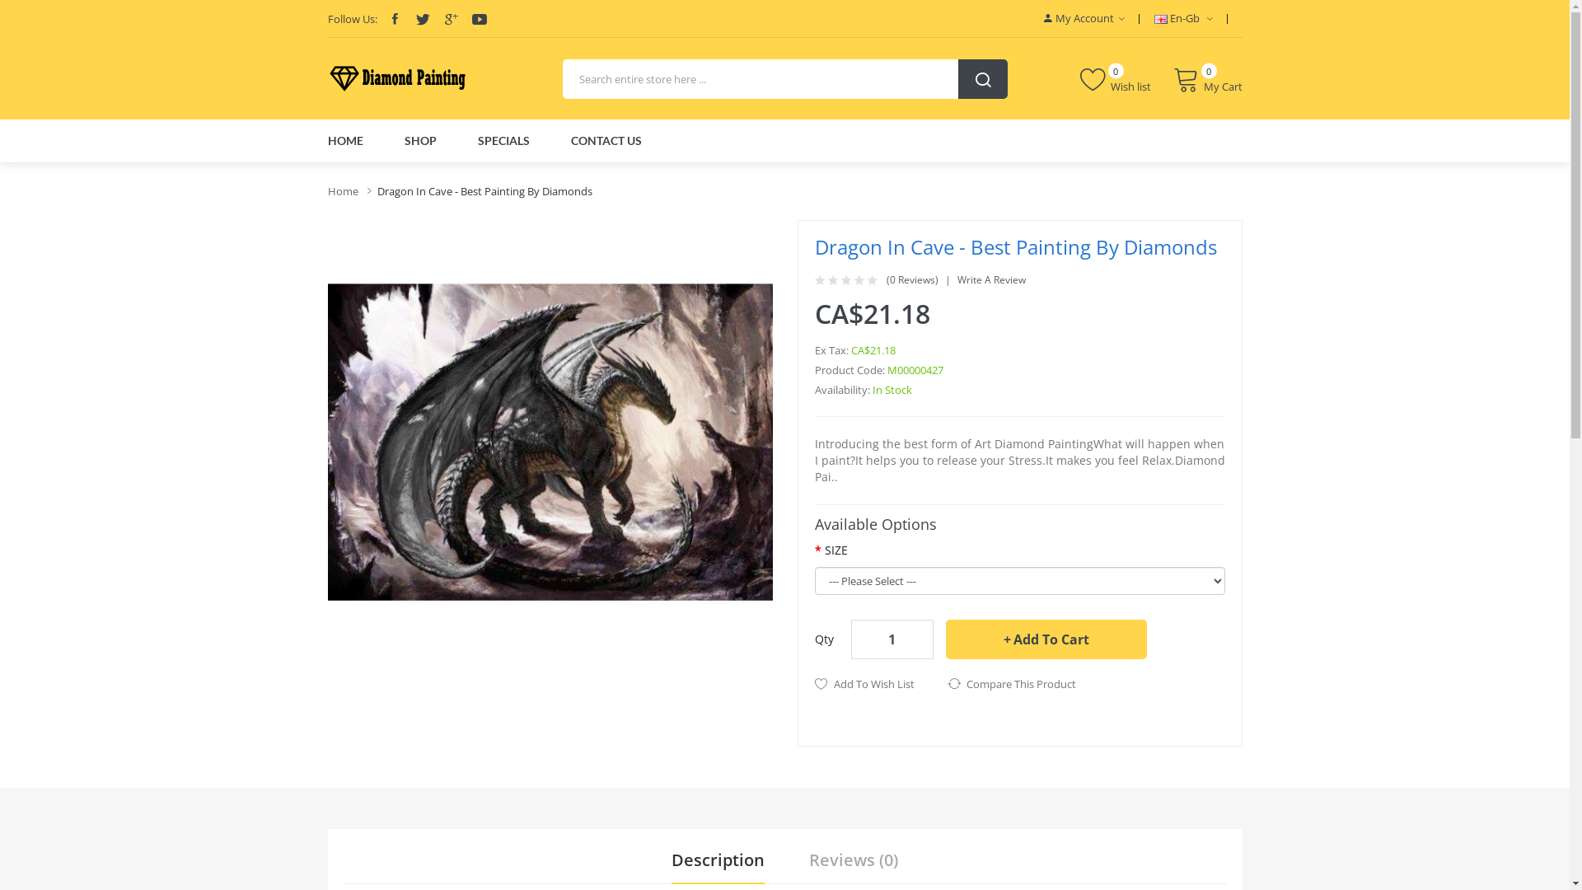 This screenshot has height=890, width=1582. Describe the element at coordinates (1046, 638) in the screenshot. I see `'Add To Cart'` at that location.